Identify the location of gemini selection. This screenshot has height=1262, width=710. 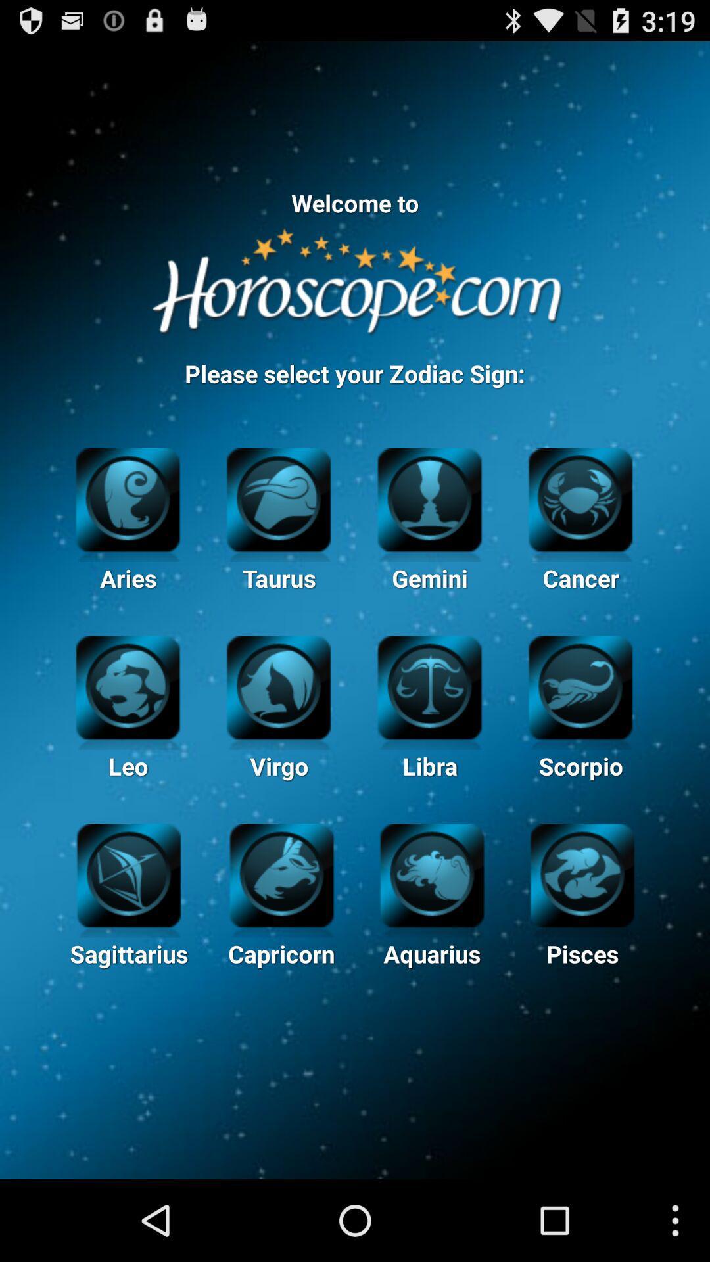
(429, 497).